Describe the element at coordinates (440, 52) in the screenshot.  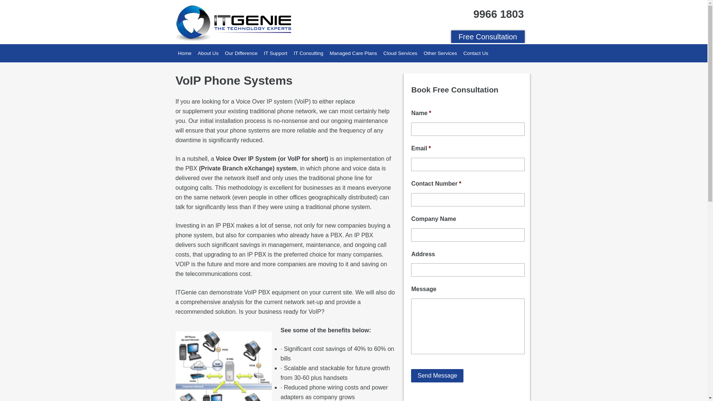
I see `'Other Services'` at that location.